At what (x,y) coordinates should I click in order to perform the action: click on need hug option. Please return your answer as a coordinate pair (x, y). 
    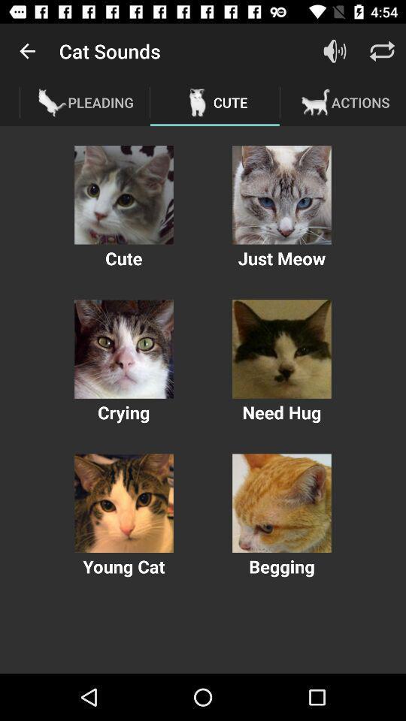
    Looking at the image, I should click on (281, 349).